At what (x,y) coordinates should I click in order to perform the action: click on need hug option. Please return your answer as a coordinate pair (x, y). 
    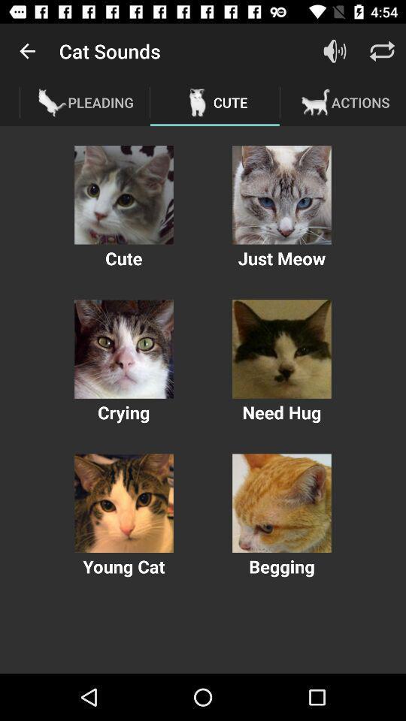
    Looking at the image, I should click on (281, 349).